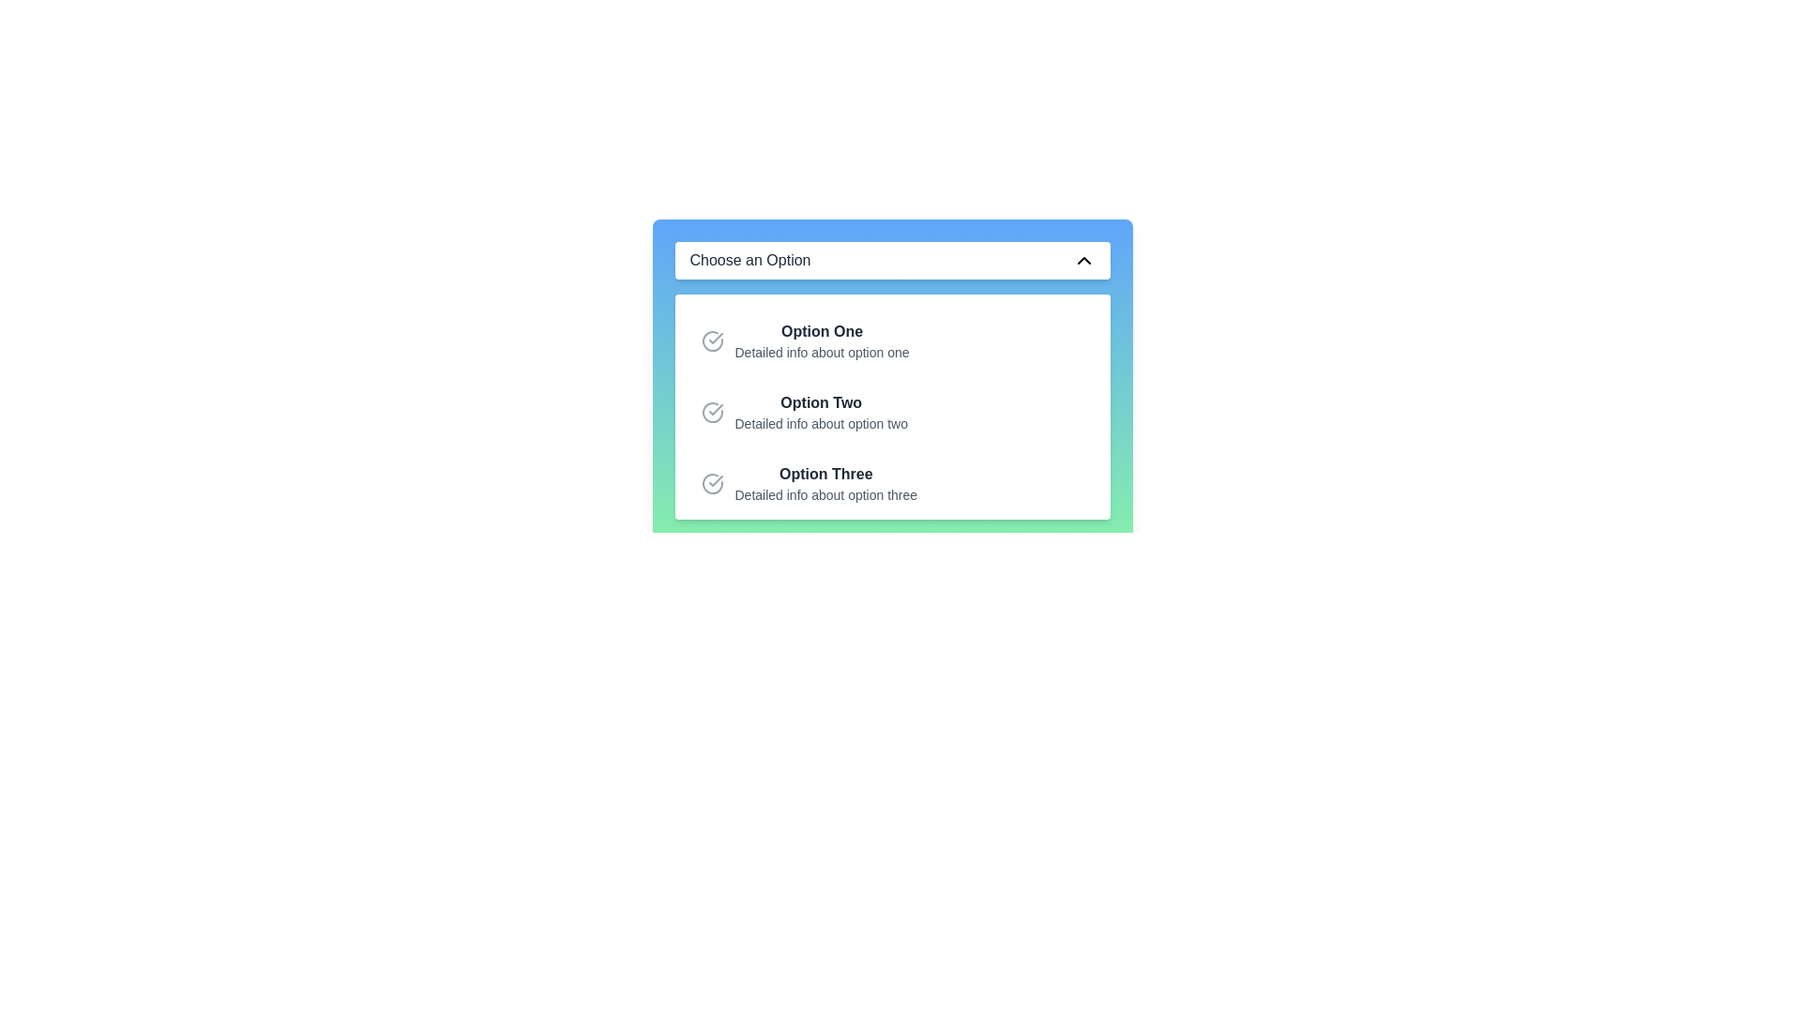 This screenshot has height=1013, width=1801. Describe the element at coordinates (891, 380) in the screenshot. I see `the Dropdown Menu titled 'Choose an Option'` at that location.